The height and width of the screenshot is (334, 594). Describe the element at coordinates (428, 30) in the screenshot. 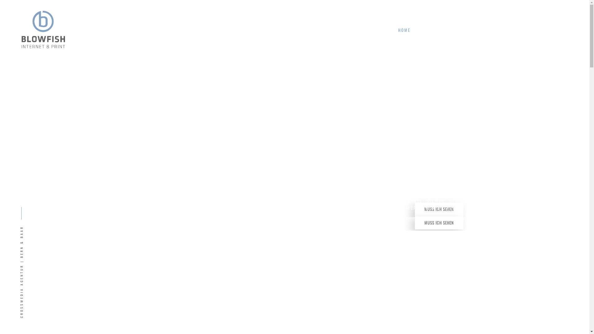

I see `'ANGEBOT'` at that location.